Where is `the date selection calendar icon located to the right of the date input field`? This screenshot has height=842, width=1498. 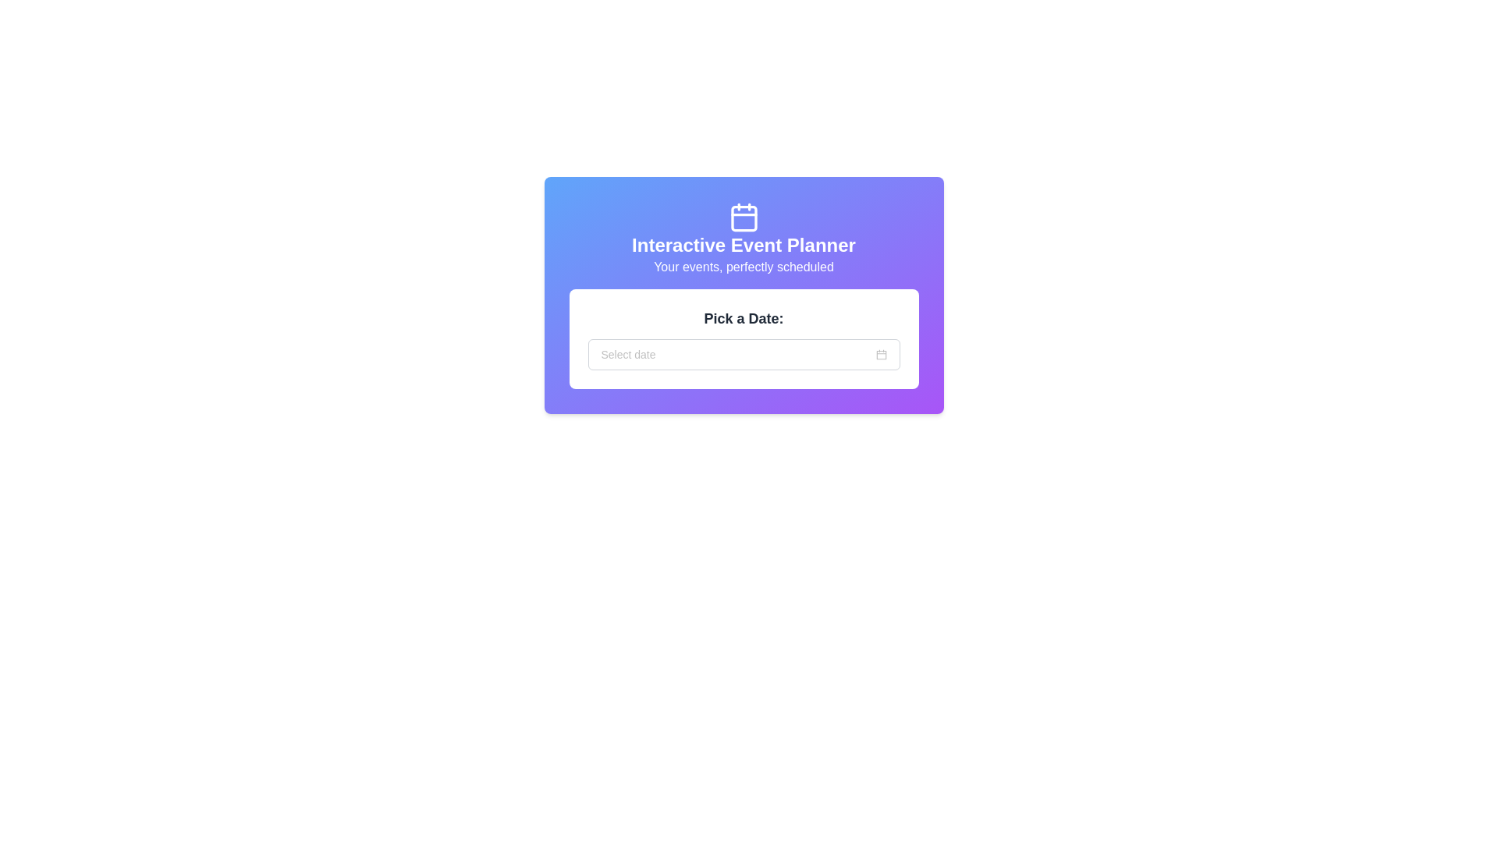
the date selection calendar icon located to the right of the date input field is located at coordinates (881, 355).